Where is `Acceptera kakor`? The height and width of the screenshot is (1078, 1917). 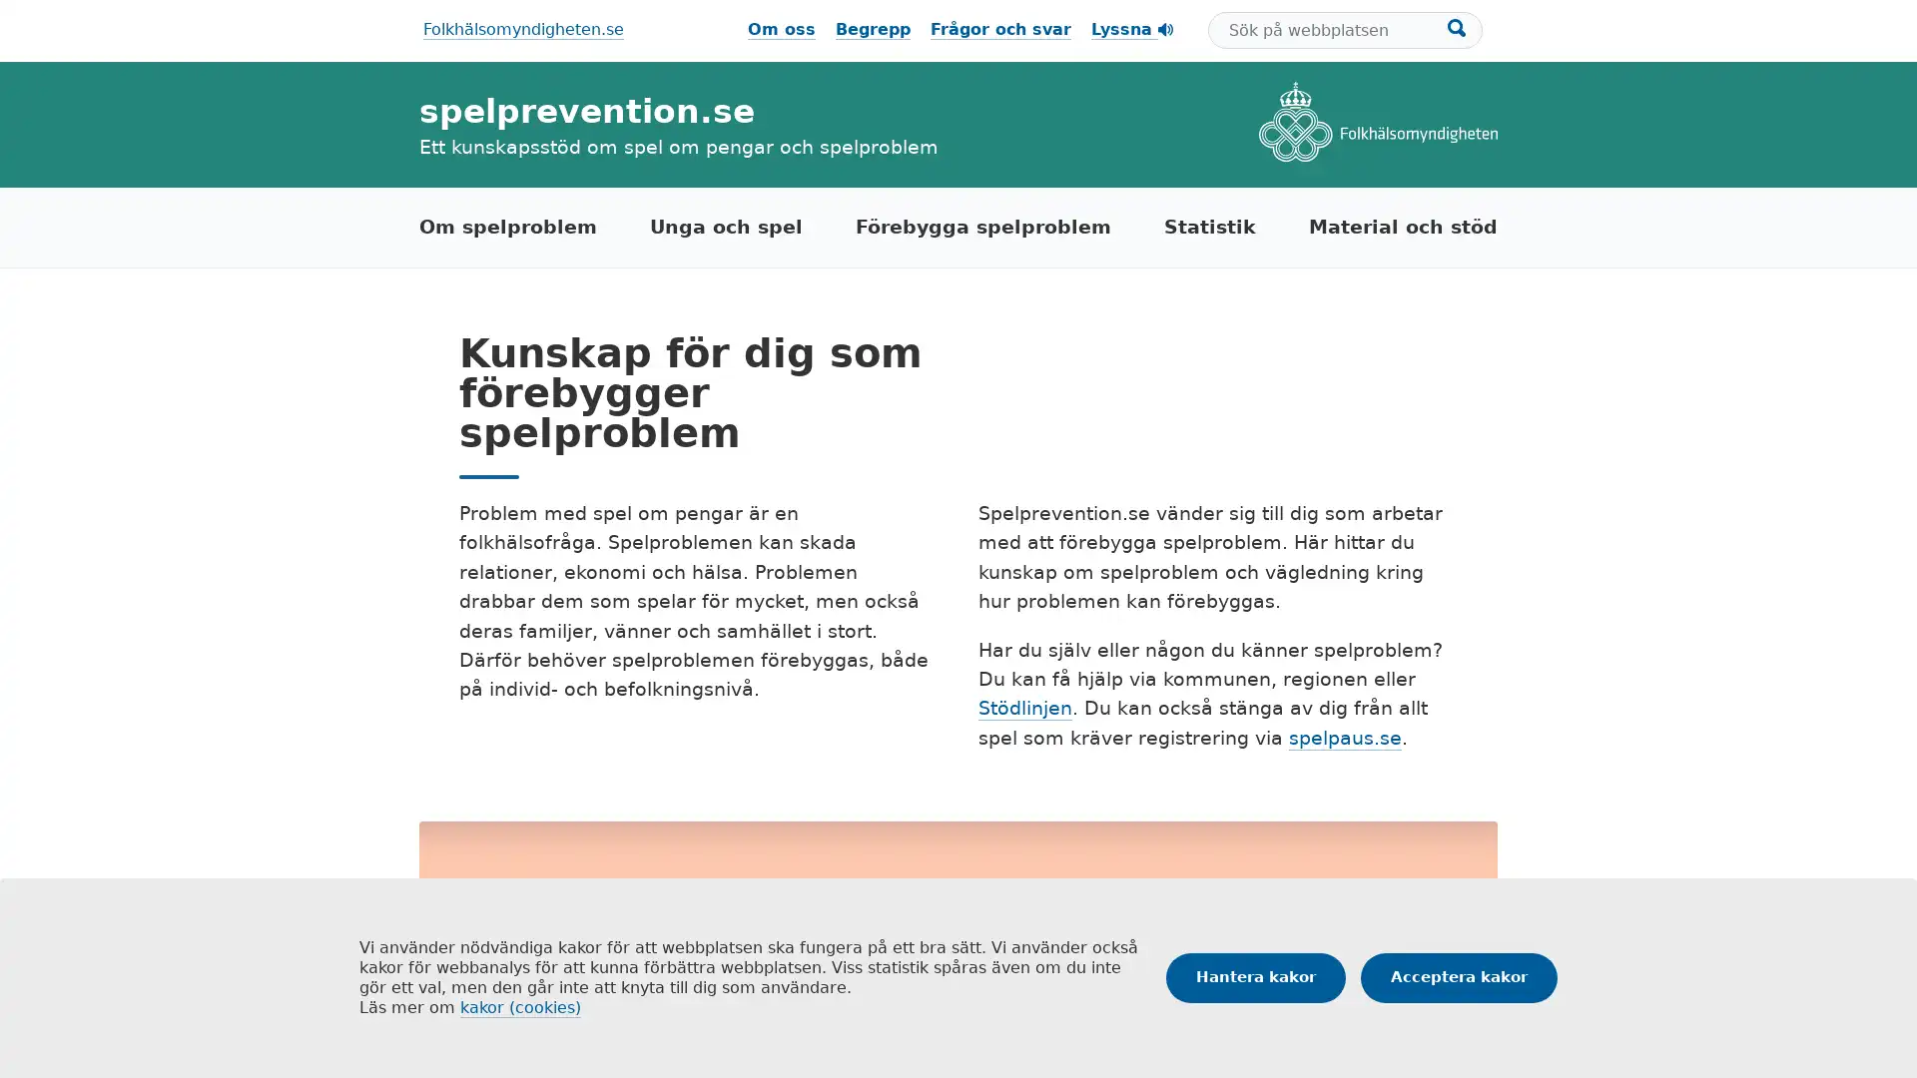 Acceptera kakor is located at coordinates (1459, 976).